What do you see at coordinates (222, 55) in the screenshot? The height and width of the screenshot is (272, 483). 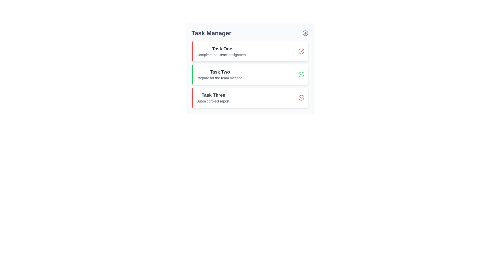 I see `the text label that reads 'Complete the React assignment', which is styled in a smaller font and located directly beneath the 'Task One' title` at bounding box center [222, 55].